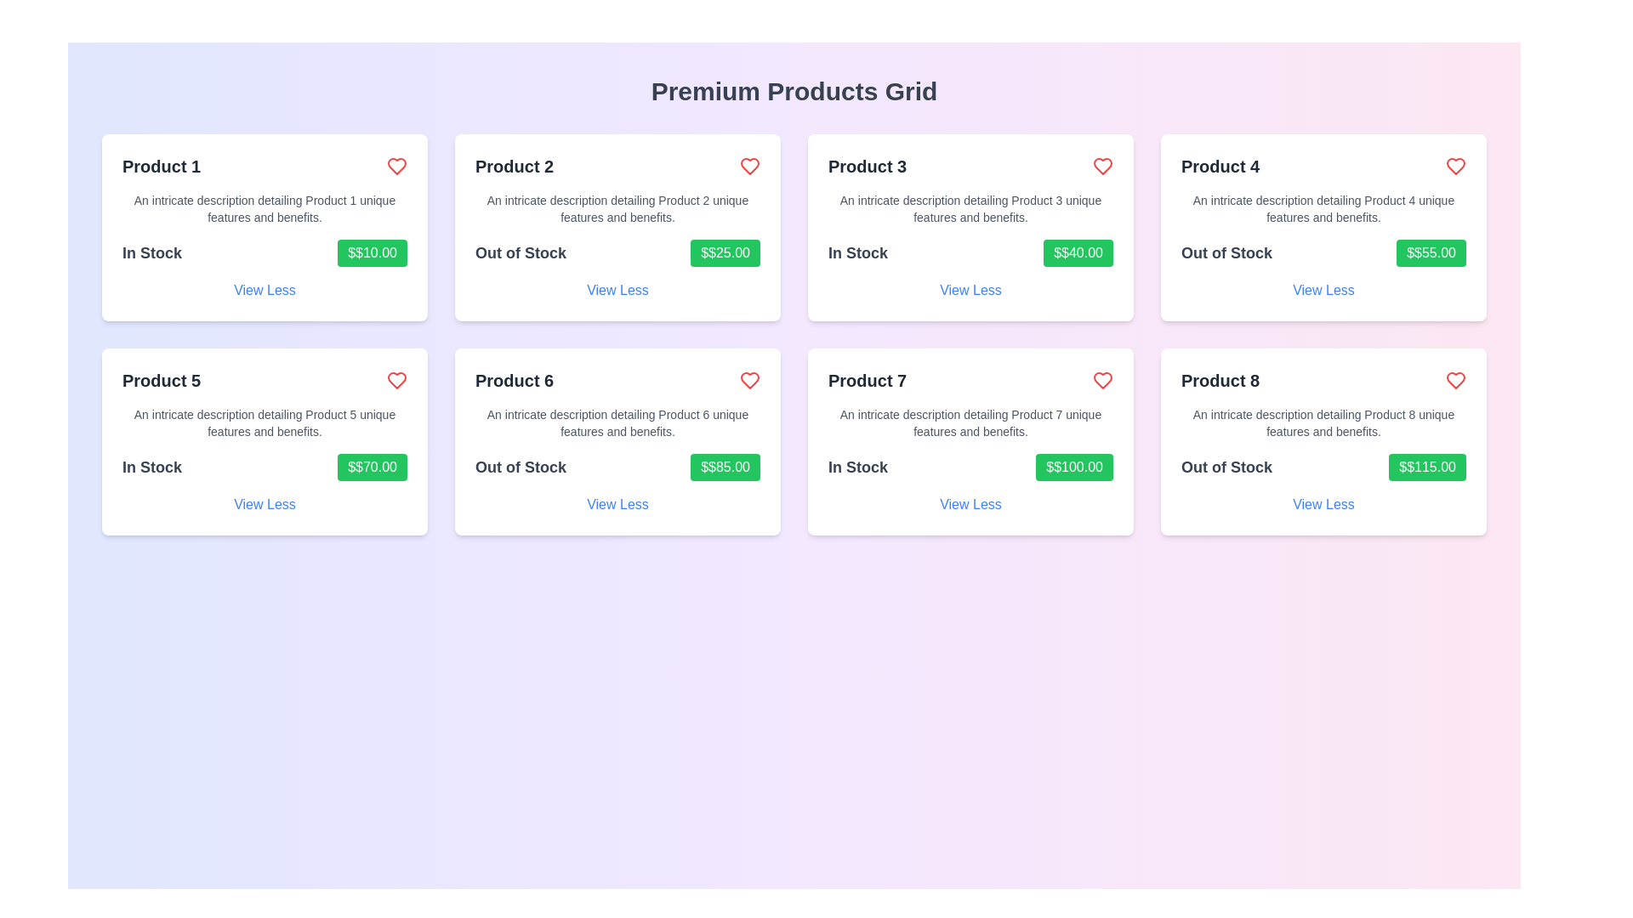 This screenshot has width=1633, height=918. What do you see at coordinates (970, 504) in the screenshot?
I see `the hyperlink located in the bottom-right segment of the card for 'Product 7'` at bounding box center [970, 504].